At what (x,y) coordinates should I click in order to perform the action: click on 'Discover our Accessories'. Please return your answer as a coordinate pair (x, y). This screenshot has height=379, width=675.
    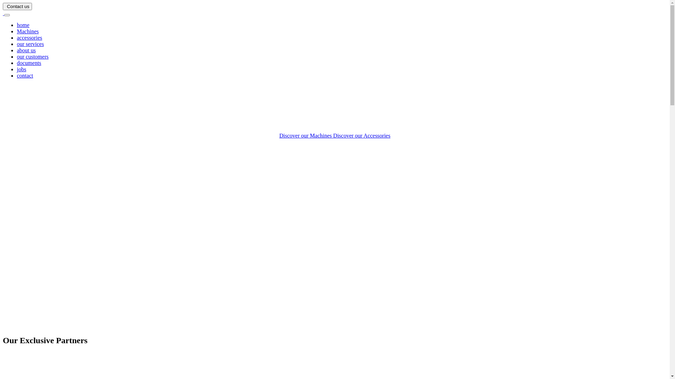
    Looking at the image, I should click on (362, 135).